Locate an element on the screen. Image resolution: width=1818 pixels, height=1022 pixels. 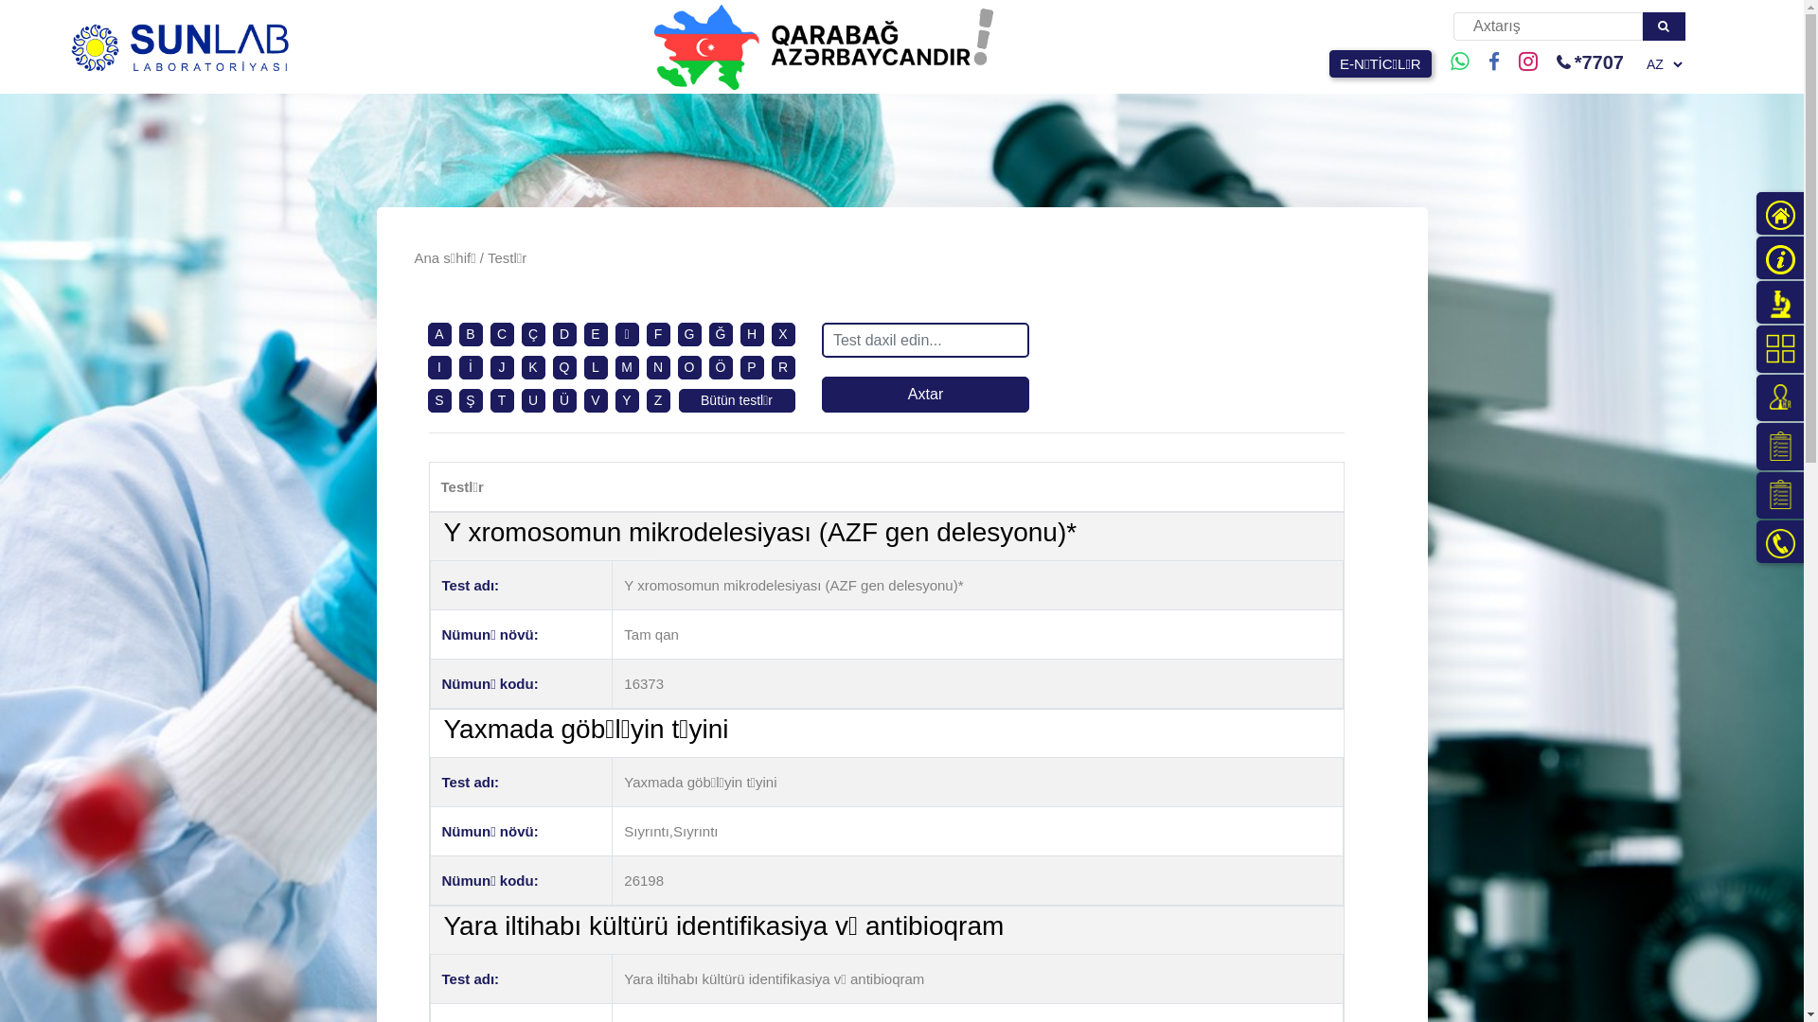
'Z' is located at coordinates (658, 399).